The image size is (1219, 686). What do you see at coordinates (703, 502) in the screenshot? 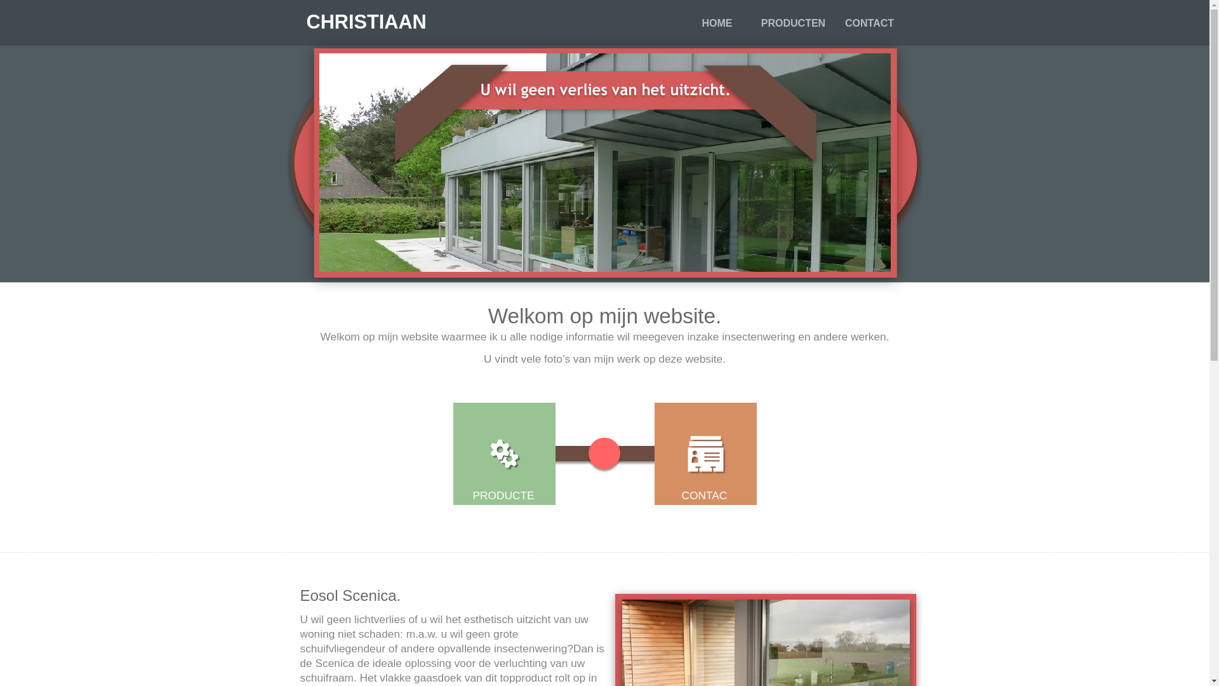
I see `'CONTACT'` at bounding box center [703, 502].